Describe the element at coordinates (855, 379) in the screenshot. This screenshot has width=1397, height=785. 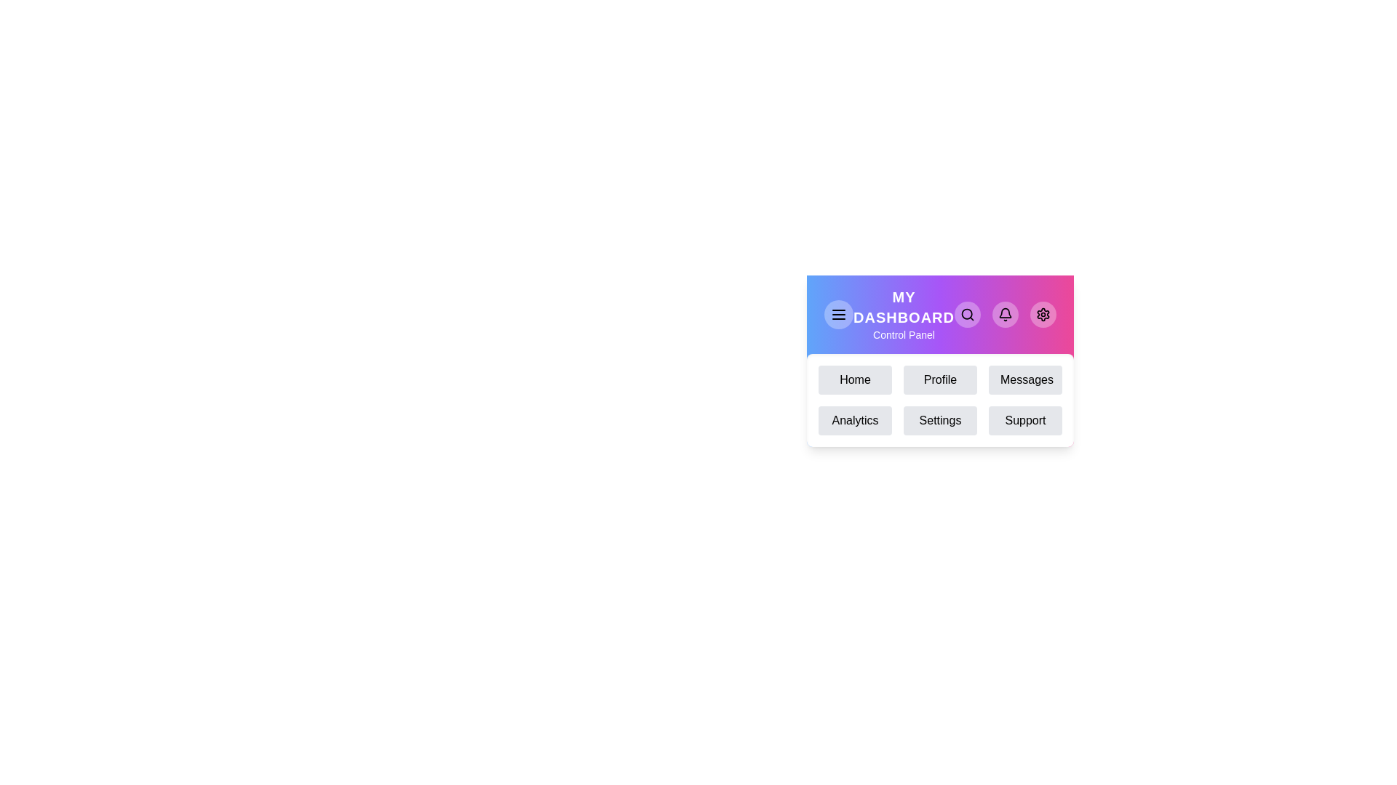
I see `the menu item Home to navigate to the corresponding section` at that location.